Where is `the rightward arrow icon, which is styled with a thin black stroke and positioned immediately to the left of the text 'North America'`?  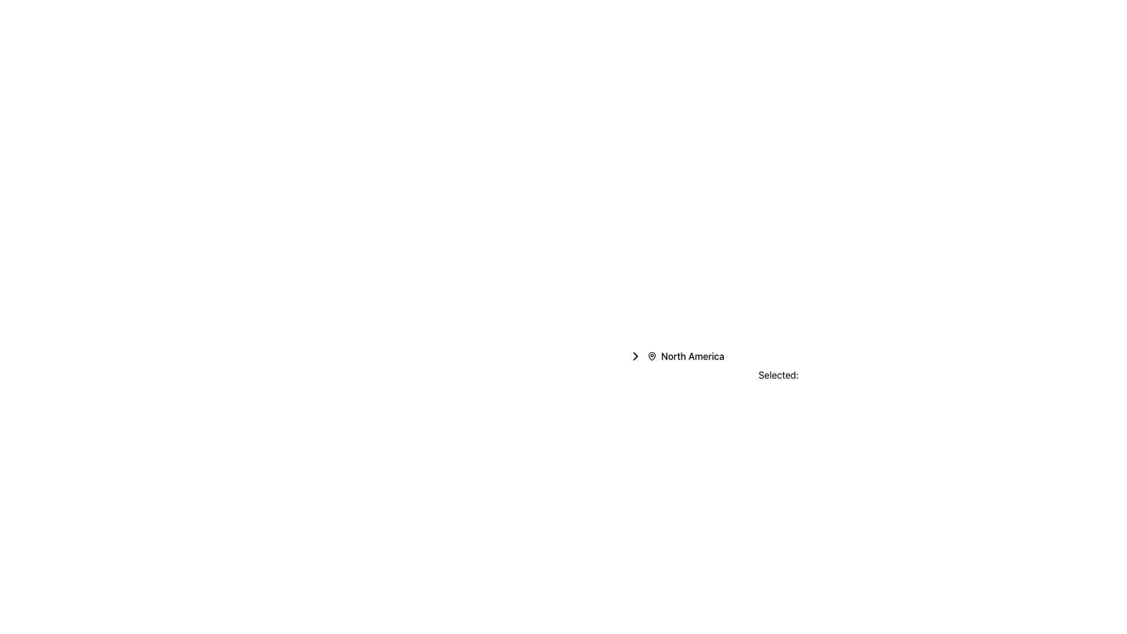
the rightward arrow icon, which is styled with a thin black stroke and positioned immediately to the left of the text 'North America' is located at coordinates (635, 355).